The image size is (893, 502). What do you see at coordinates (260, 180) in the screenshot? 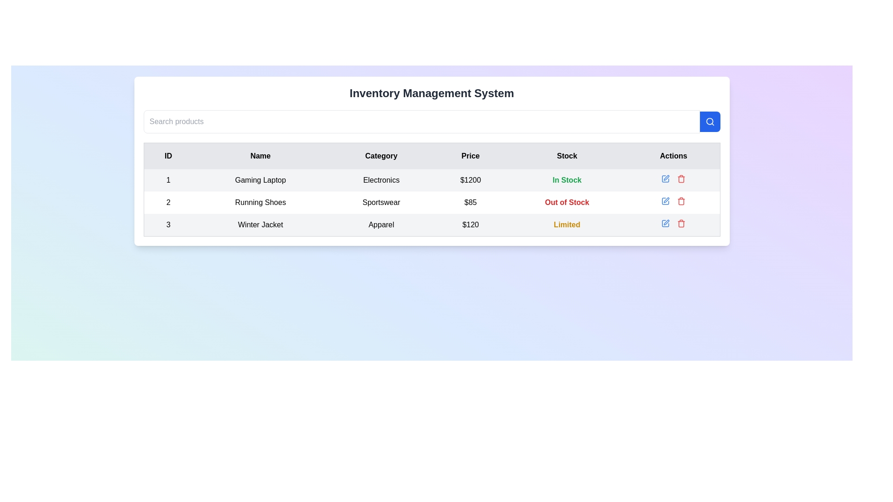
I see `the text label displaying the title 'Gaming Laptop', which is centered in its cell with a light gray background in the inventory table` at bounding box center [260, 180].